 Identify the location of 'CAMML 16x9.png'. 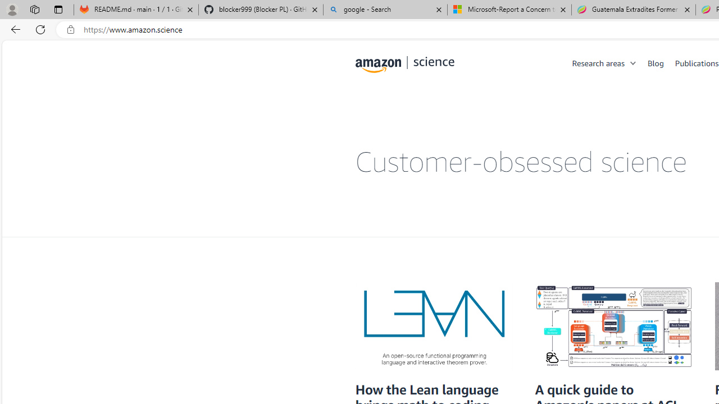
(613, 326).